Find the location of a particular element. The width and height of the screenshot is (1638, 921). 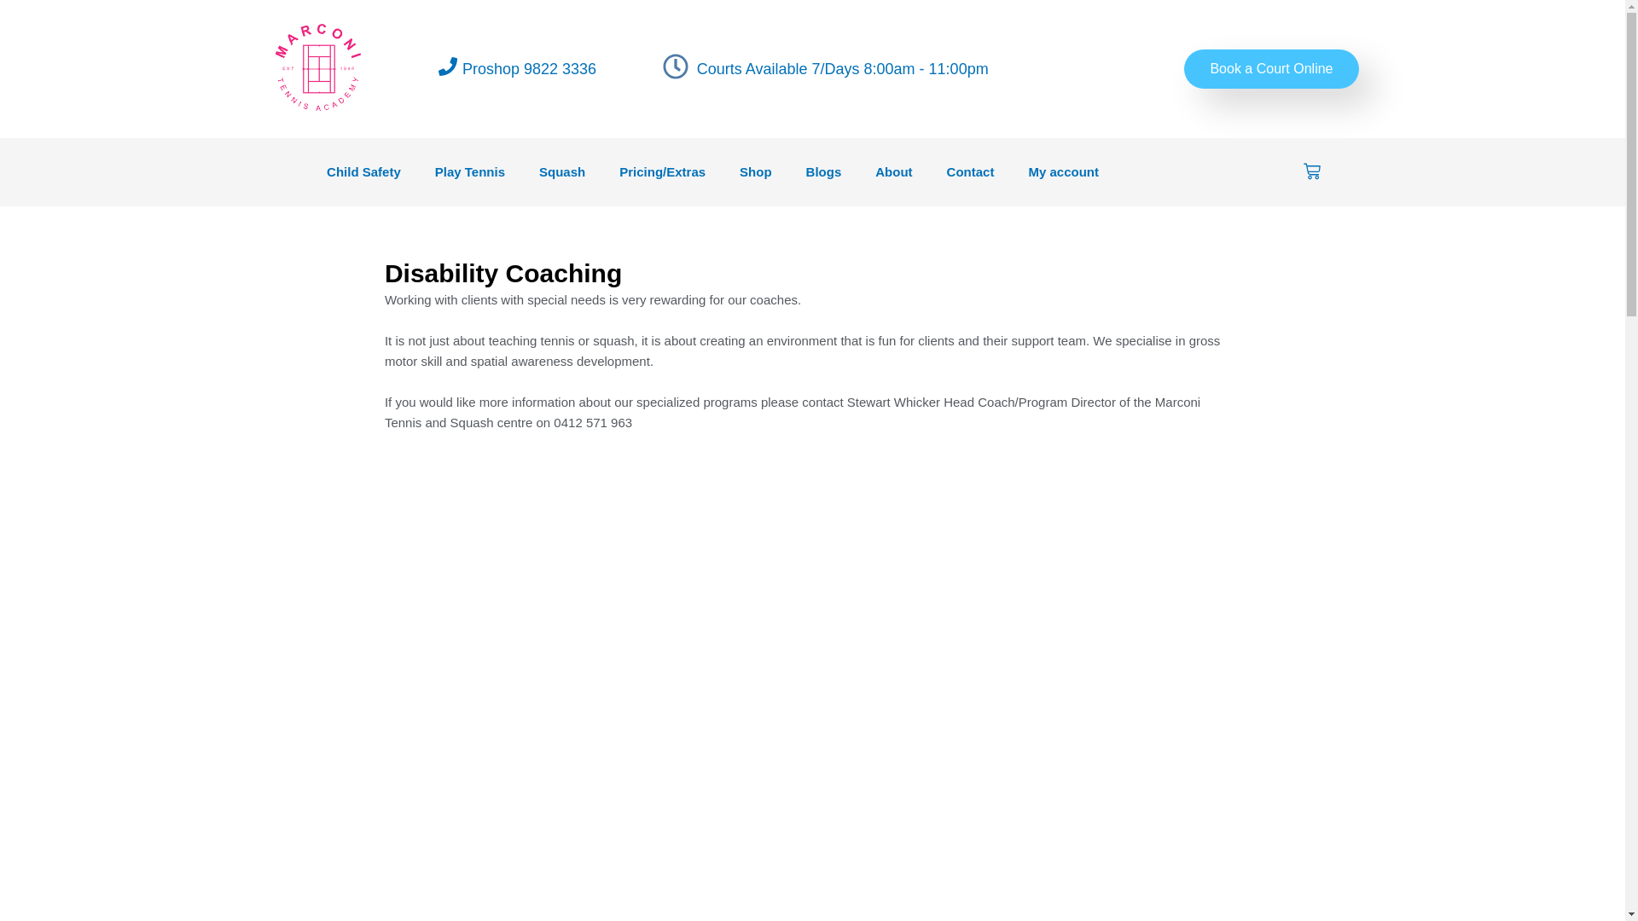

'Play Tennis' is located at coordinates (470, 171).